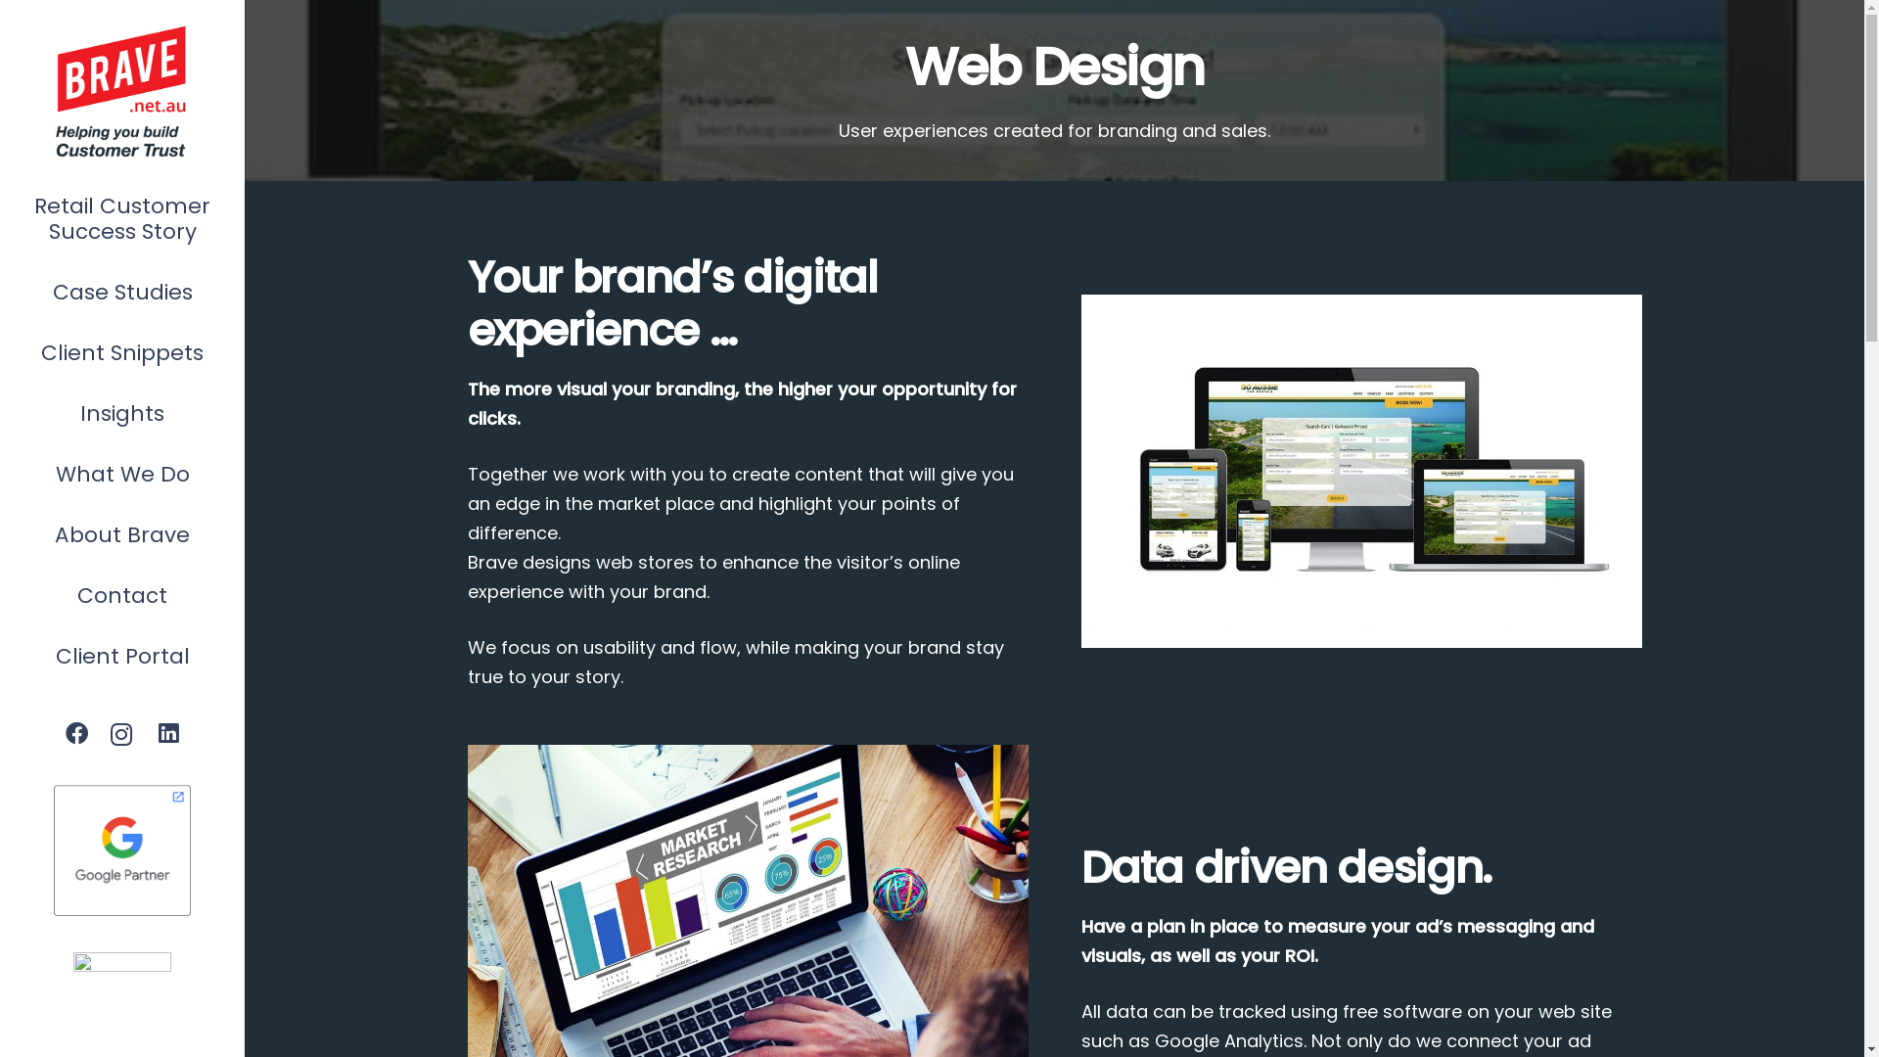 The height and width of the screenshot is (1057, 1879). I want to click on 'Insights', so click(120, 413).